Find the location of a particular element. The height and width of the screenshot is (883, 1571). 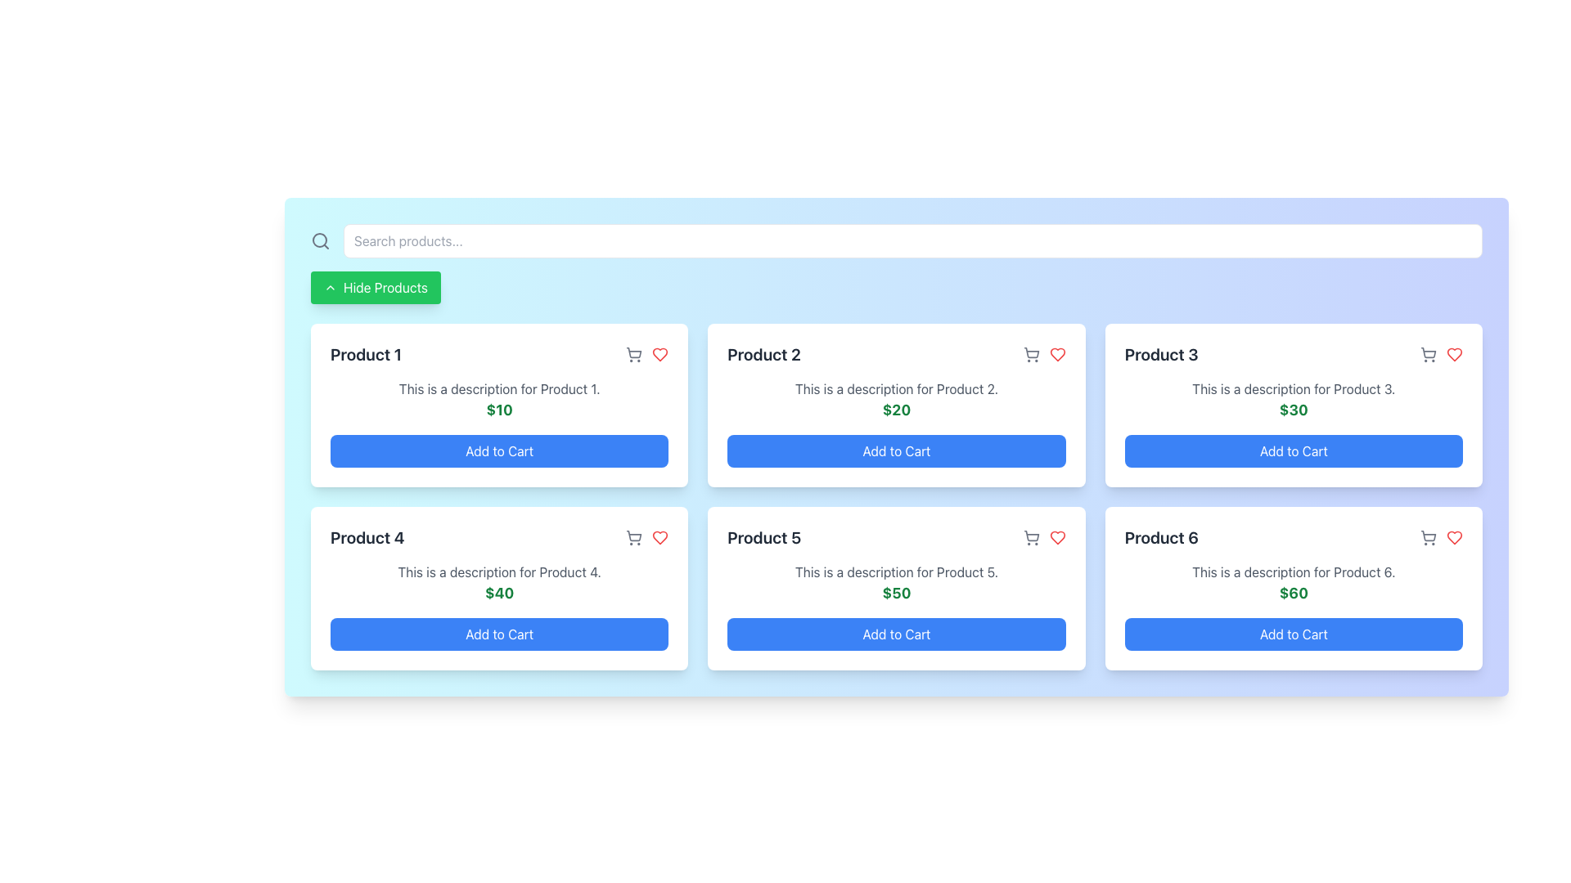

the icon button group located at the top-right corner of the 'Product 1' card is located at coordinates (646, 354).